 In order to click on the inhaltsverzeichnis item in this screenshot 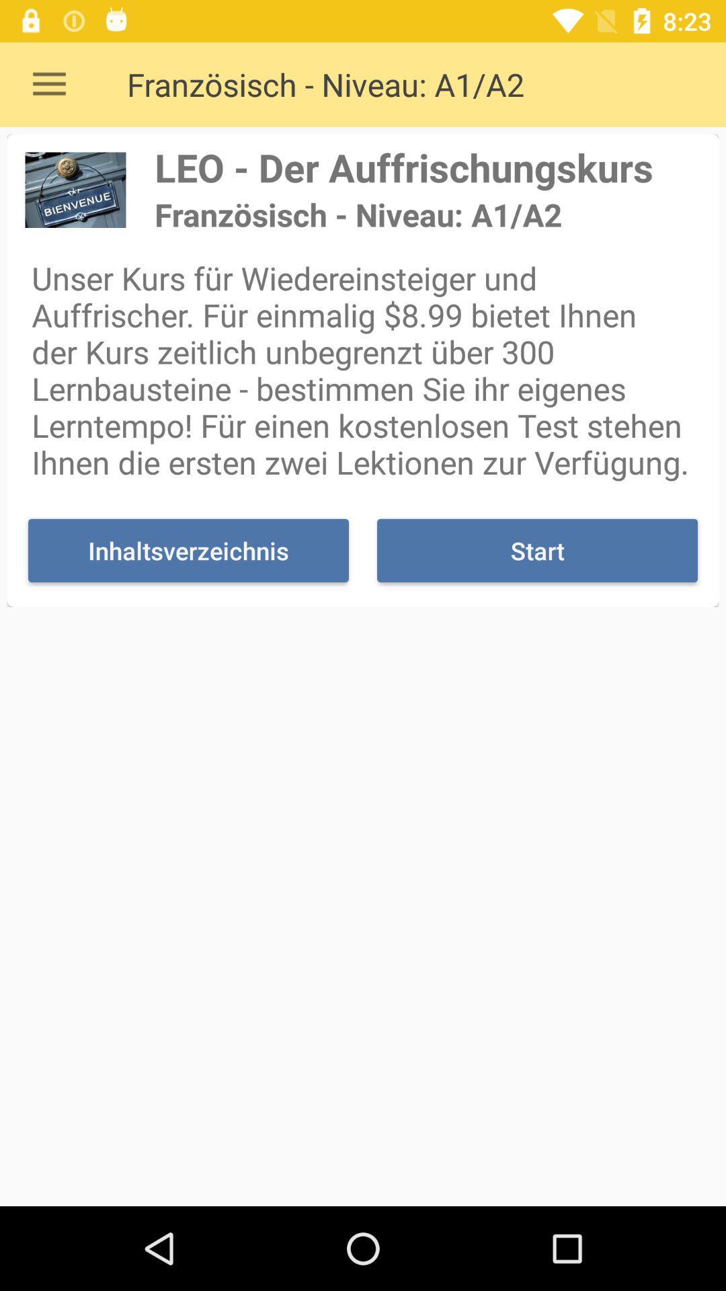, I will do `click(188, 551)`.